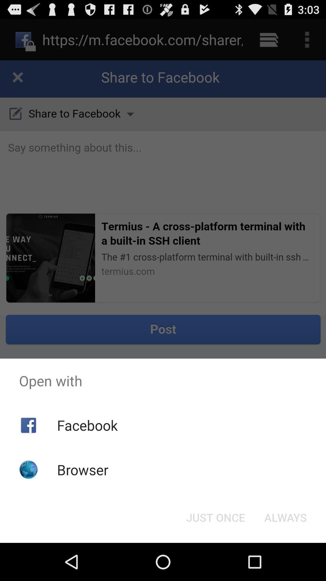 This screenshot has width=326, height=581. Describe the element at coordinates (285, 517) in the screenshot. I see `the item to the right of just once button` at that location.